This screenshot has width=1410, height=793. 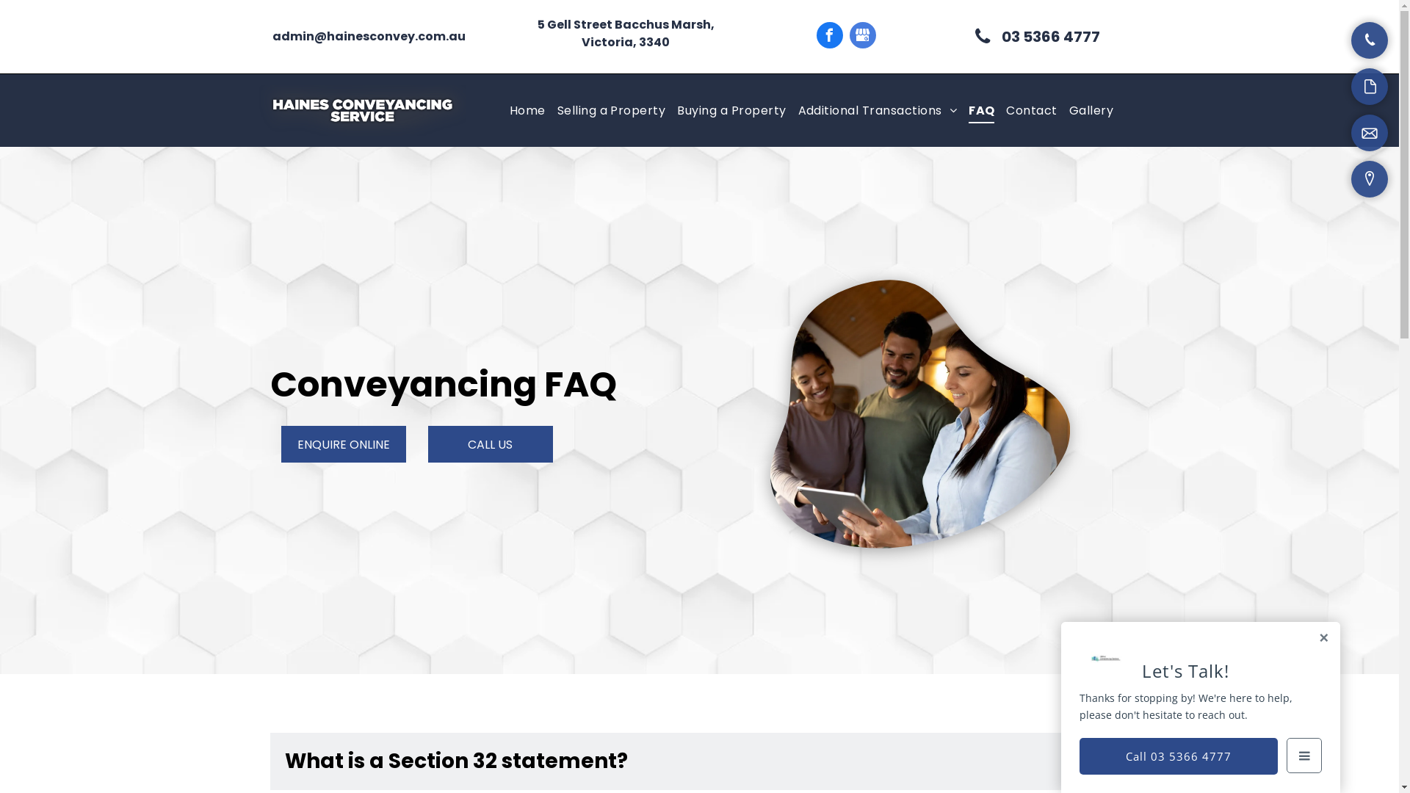 I want to click on 'admin@hainesconvey.com.au', so click(x=369, y=35).